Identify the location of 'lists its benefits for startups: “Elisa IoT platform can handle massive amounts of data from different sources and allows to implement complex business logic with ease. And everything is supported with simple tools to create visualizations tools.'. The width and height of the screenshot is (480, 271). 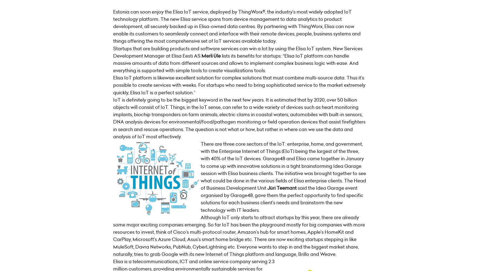
(235, 63).